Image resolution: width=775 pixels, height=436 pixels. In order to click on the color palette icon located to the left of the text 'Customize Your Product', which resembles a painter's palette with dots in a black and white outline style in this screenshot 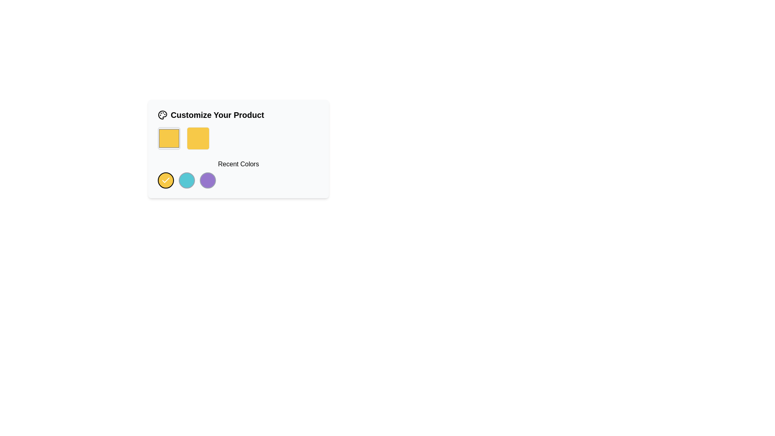, I will do `click(162, 115)`.